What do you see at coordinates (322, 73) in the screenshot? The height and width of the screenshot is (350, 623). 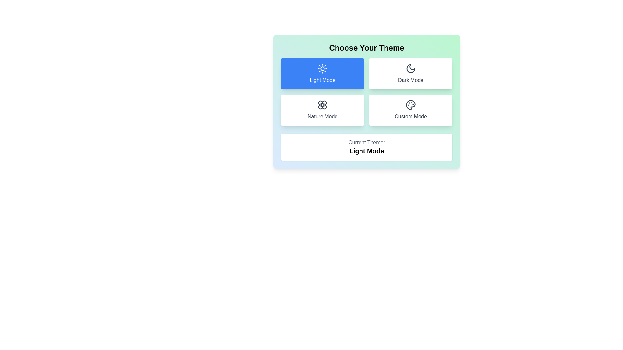 I see `the theme by clicking the button corresponding to Light Mode` at bounding box center [322, 73].